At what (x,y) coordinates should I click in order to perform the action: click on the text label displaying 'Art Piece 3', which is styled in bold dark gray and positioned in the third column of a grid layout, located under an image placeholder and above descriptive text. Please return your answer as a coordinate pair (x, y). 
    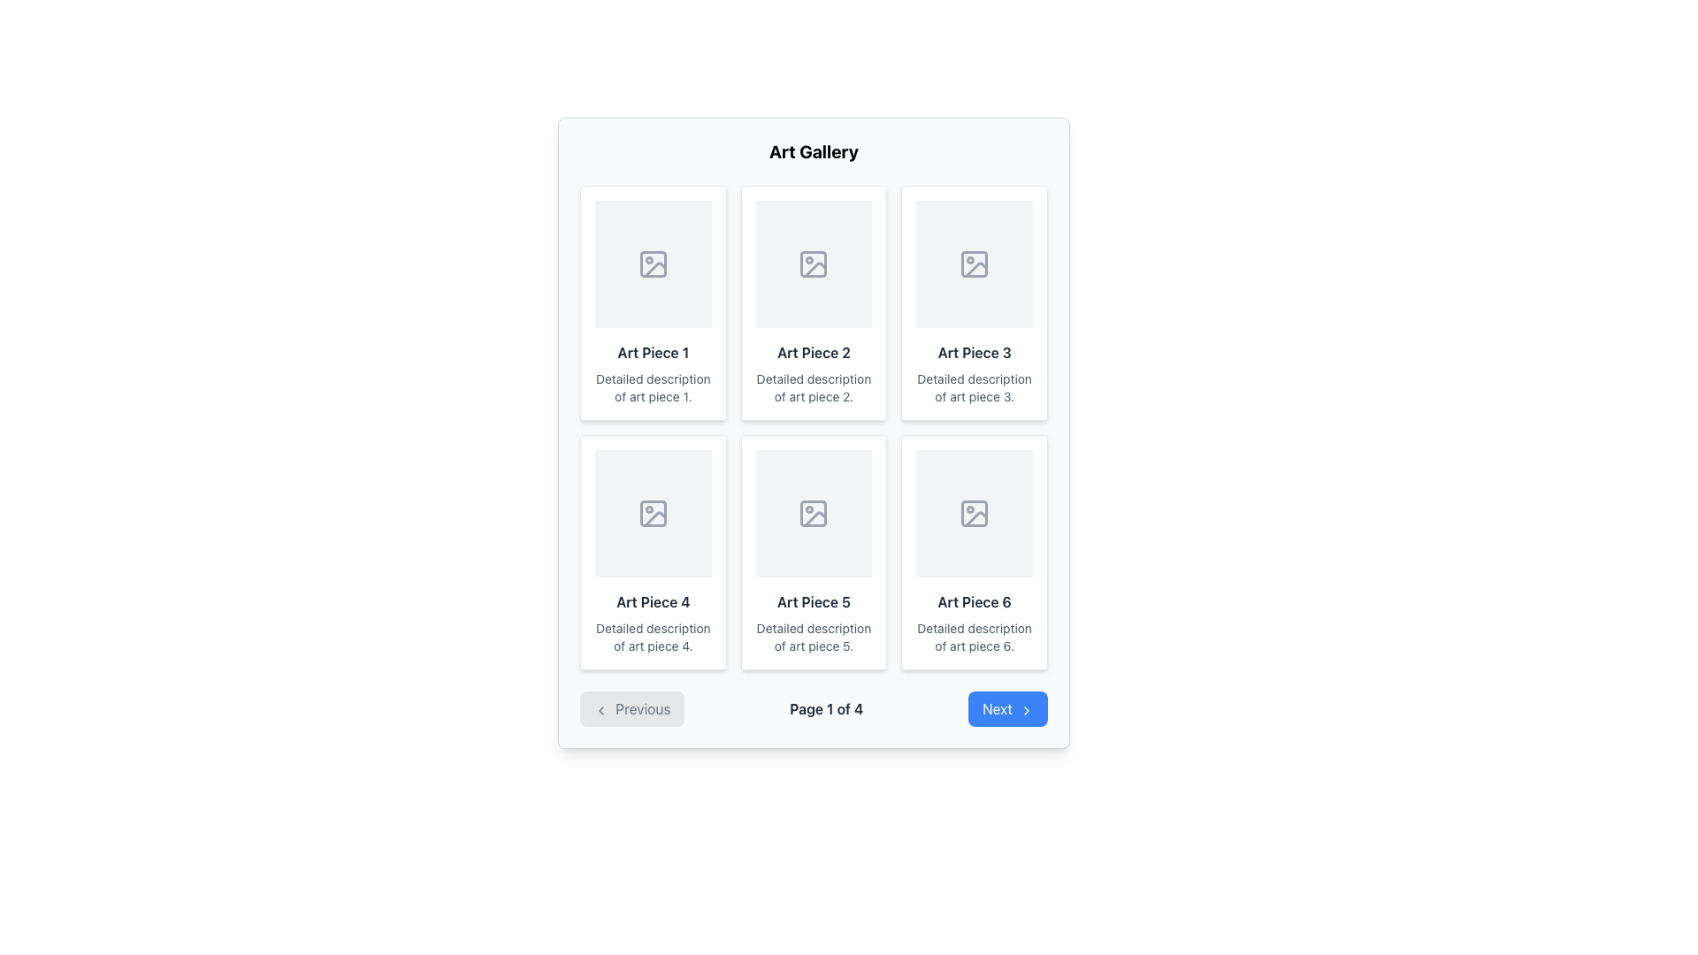
    Looking at the image, I should click on (974, 352).